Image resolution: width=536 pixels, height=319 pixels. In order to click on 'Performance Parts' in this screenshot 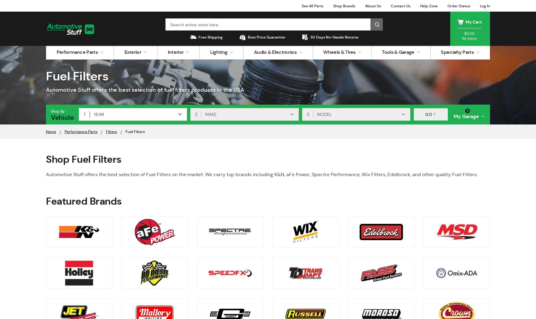, I will do `click(65, 132)`.